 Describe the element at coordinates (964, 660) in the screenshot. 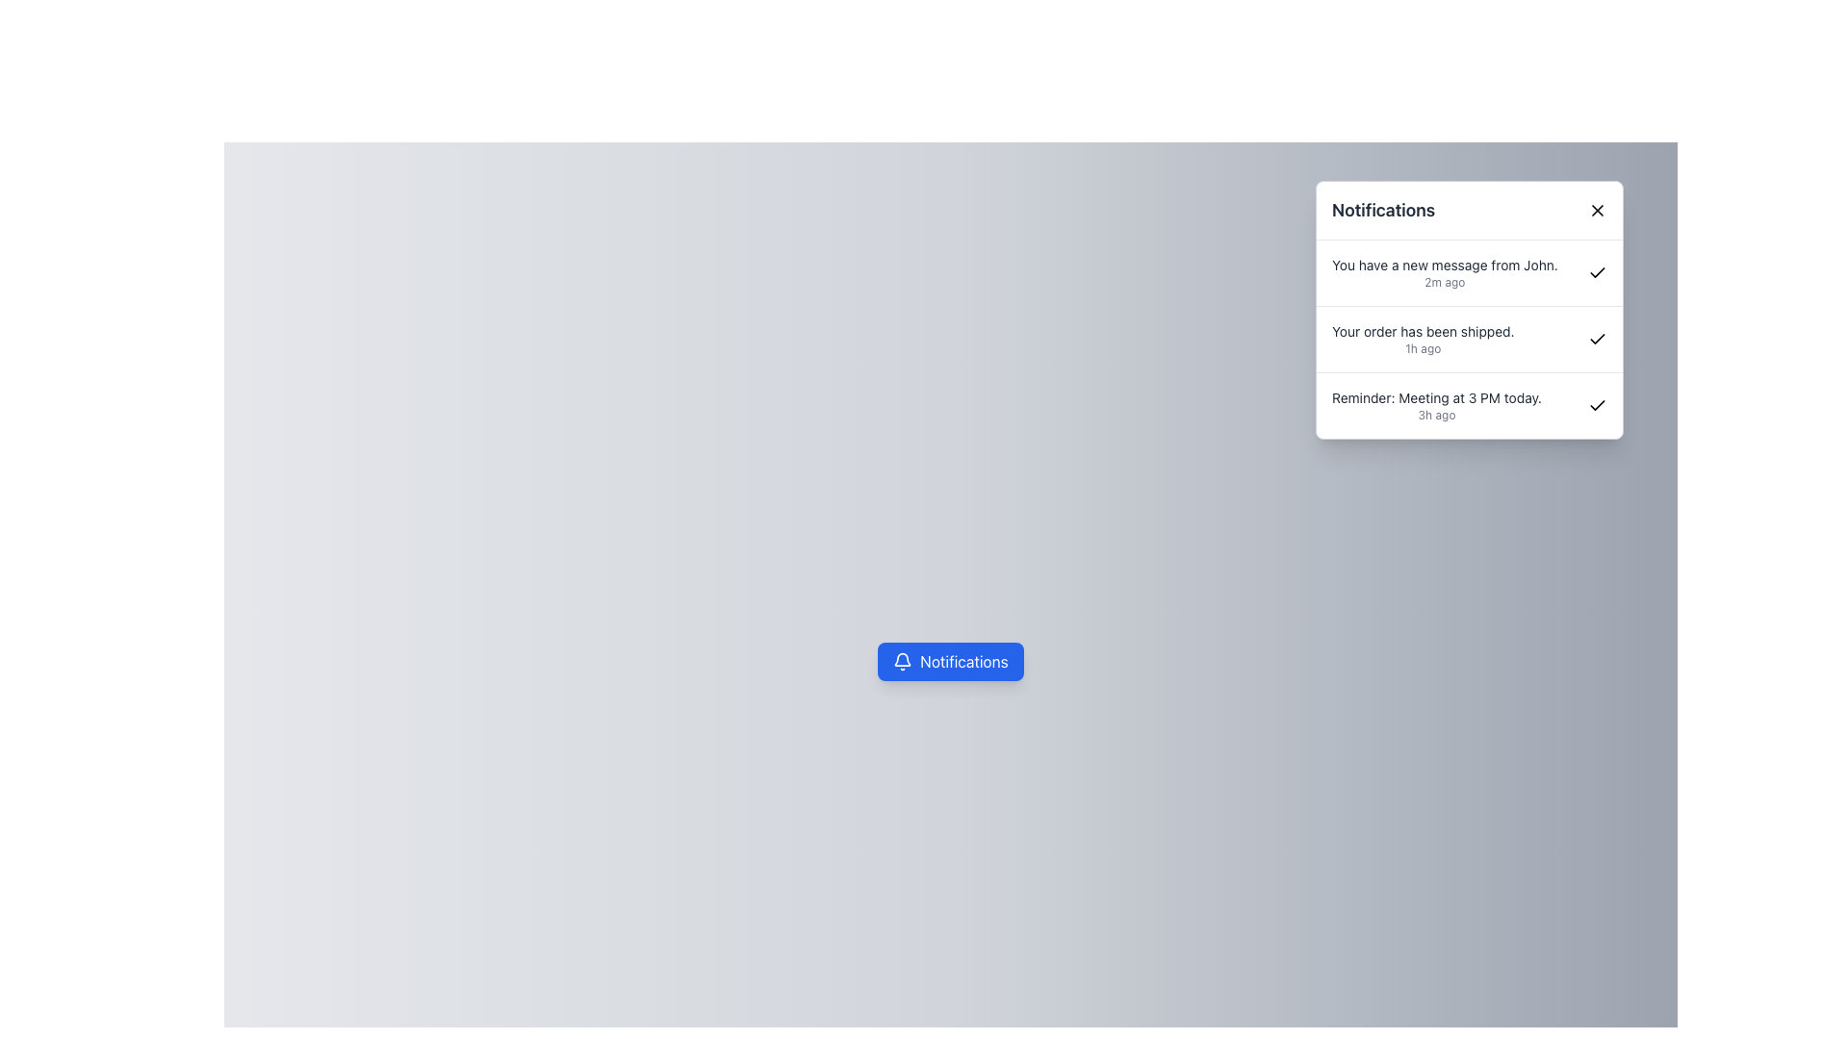

I see `the 'Notifications' text label, which is displayed in white against a blue background and is styled to complement the icon to its left` at that location.